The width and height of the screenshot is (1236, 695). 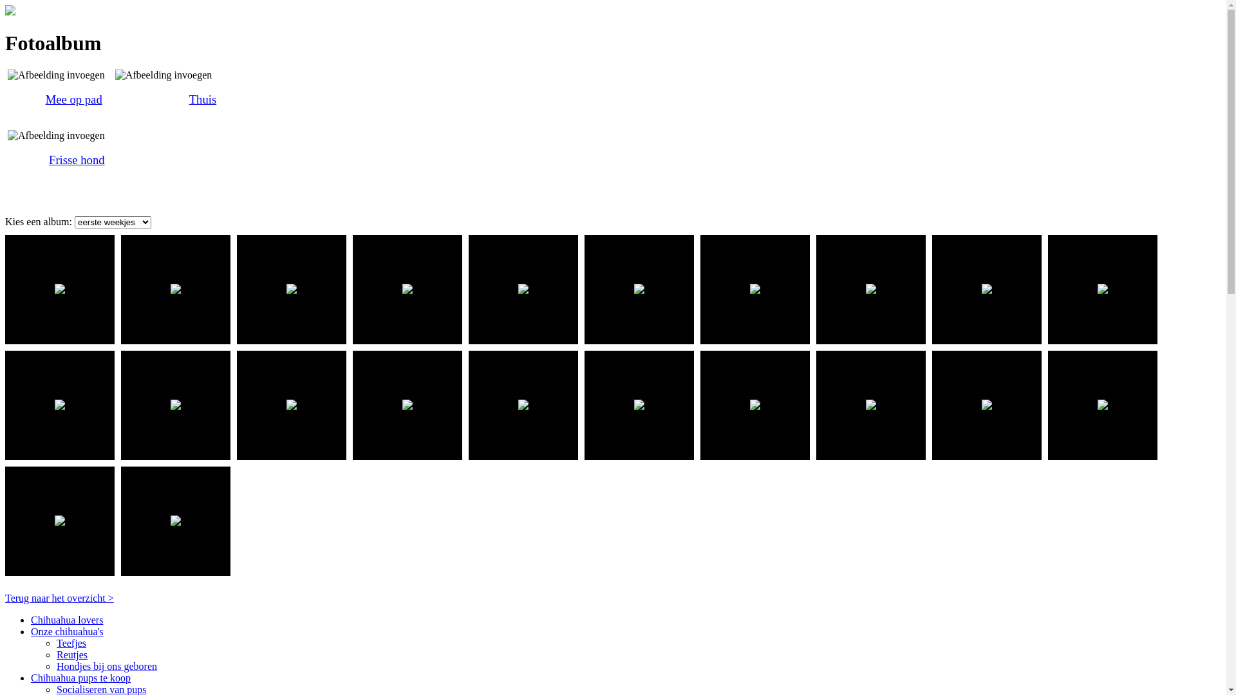 I want to click on 'Thuis', so click(x=202, y=98).